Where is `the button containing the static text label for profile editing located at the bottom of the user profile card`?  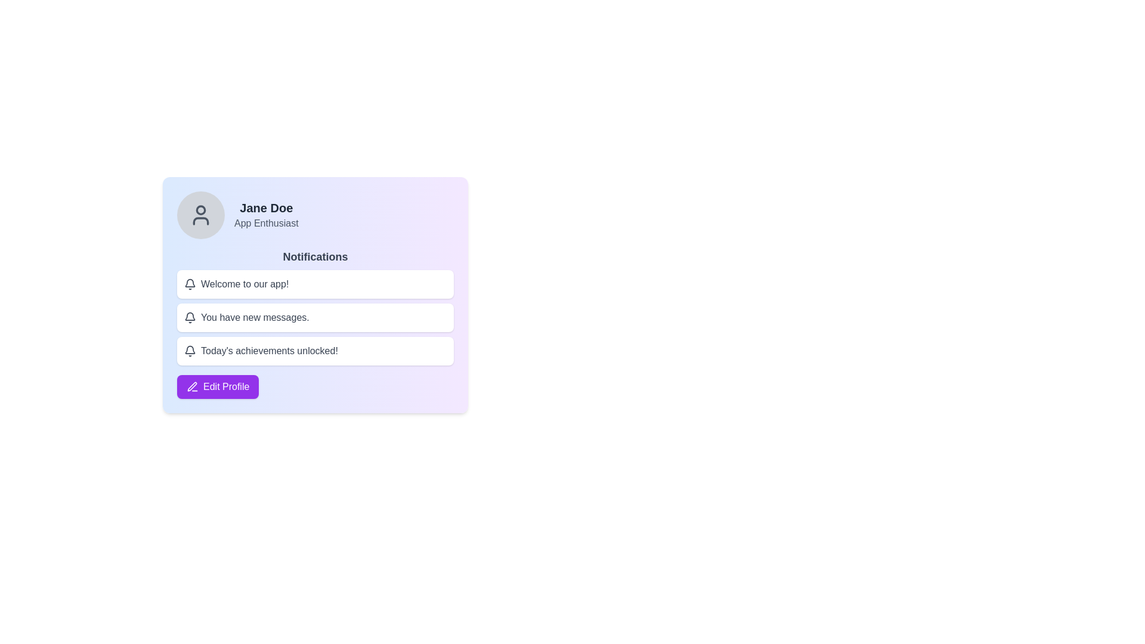
the button containing the static text label for profile editing located at the bottom of the user profile card is located at coordinates (226, 386).